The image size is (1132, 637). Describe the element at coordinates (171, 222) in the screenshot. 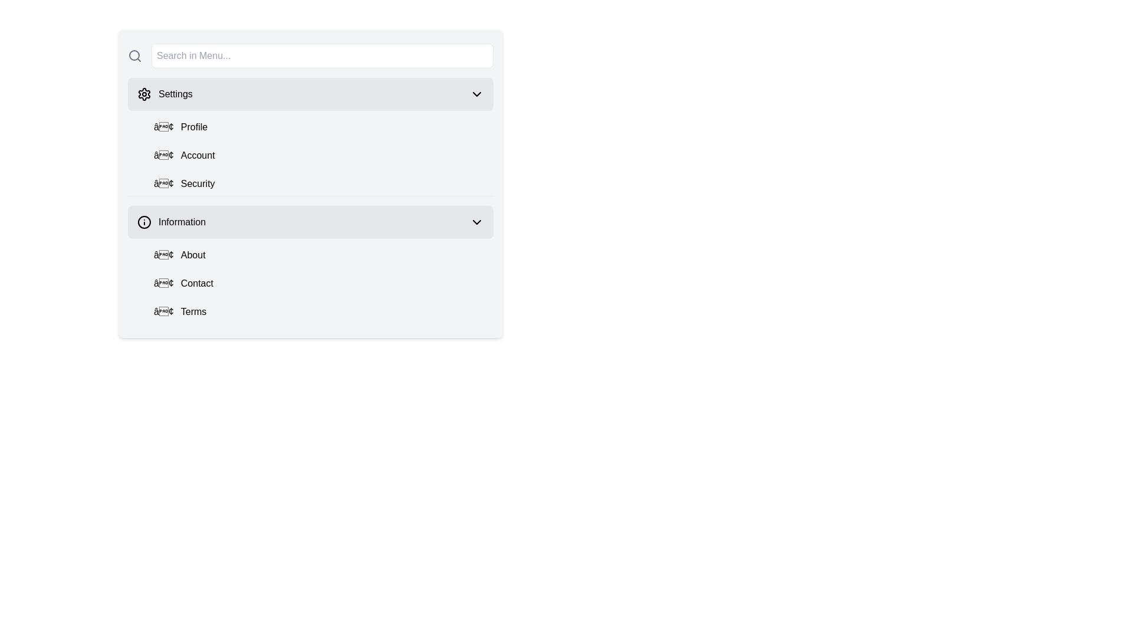

I see `the 'Information' menu item located in the left navigation panel, which is the fourth entry below 'Security' and above 'About'` at that location.